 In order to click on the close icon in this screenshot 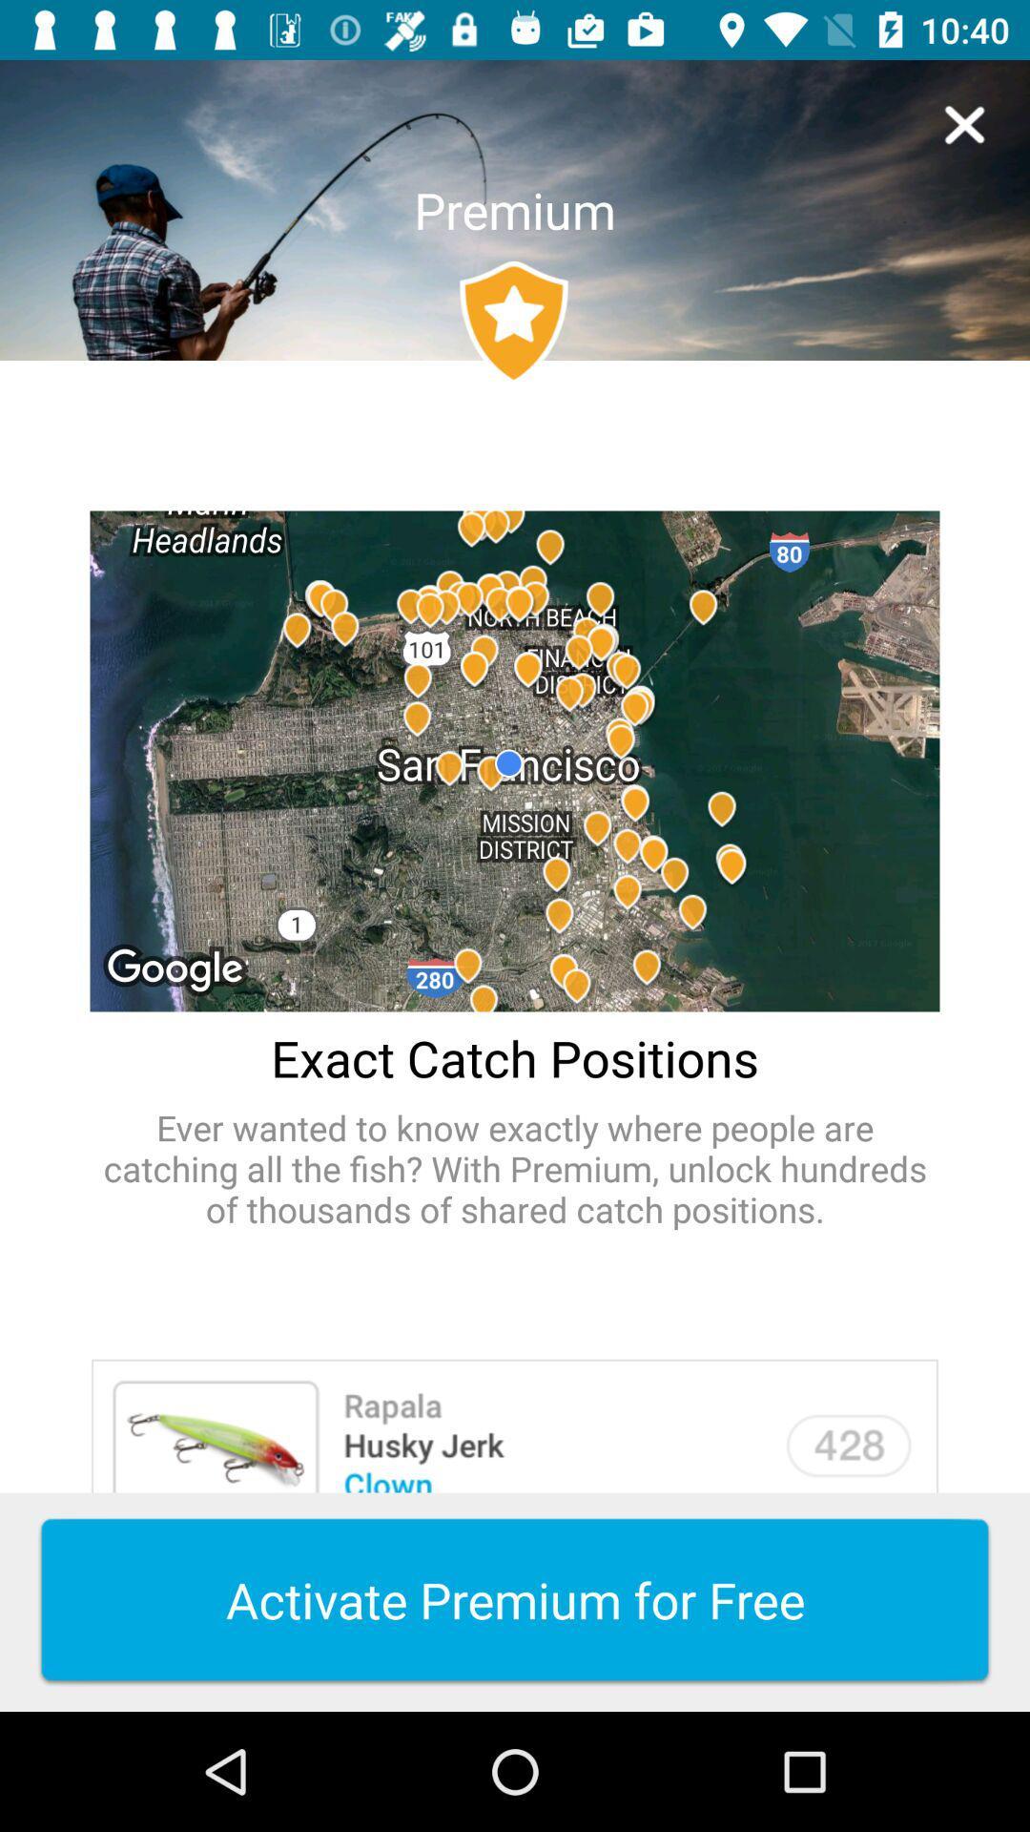, I will do `click(964, 124)`.